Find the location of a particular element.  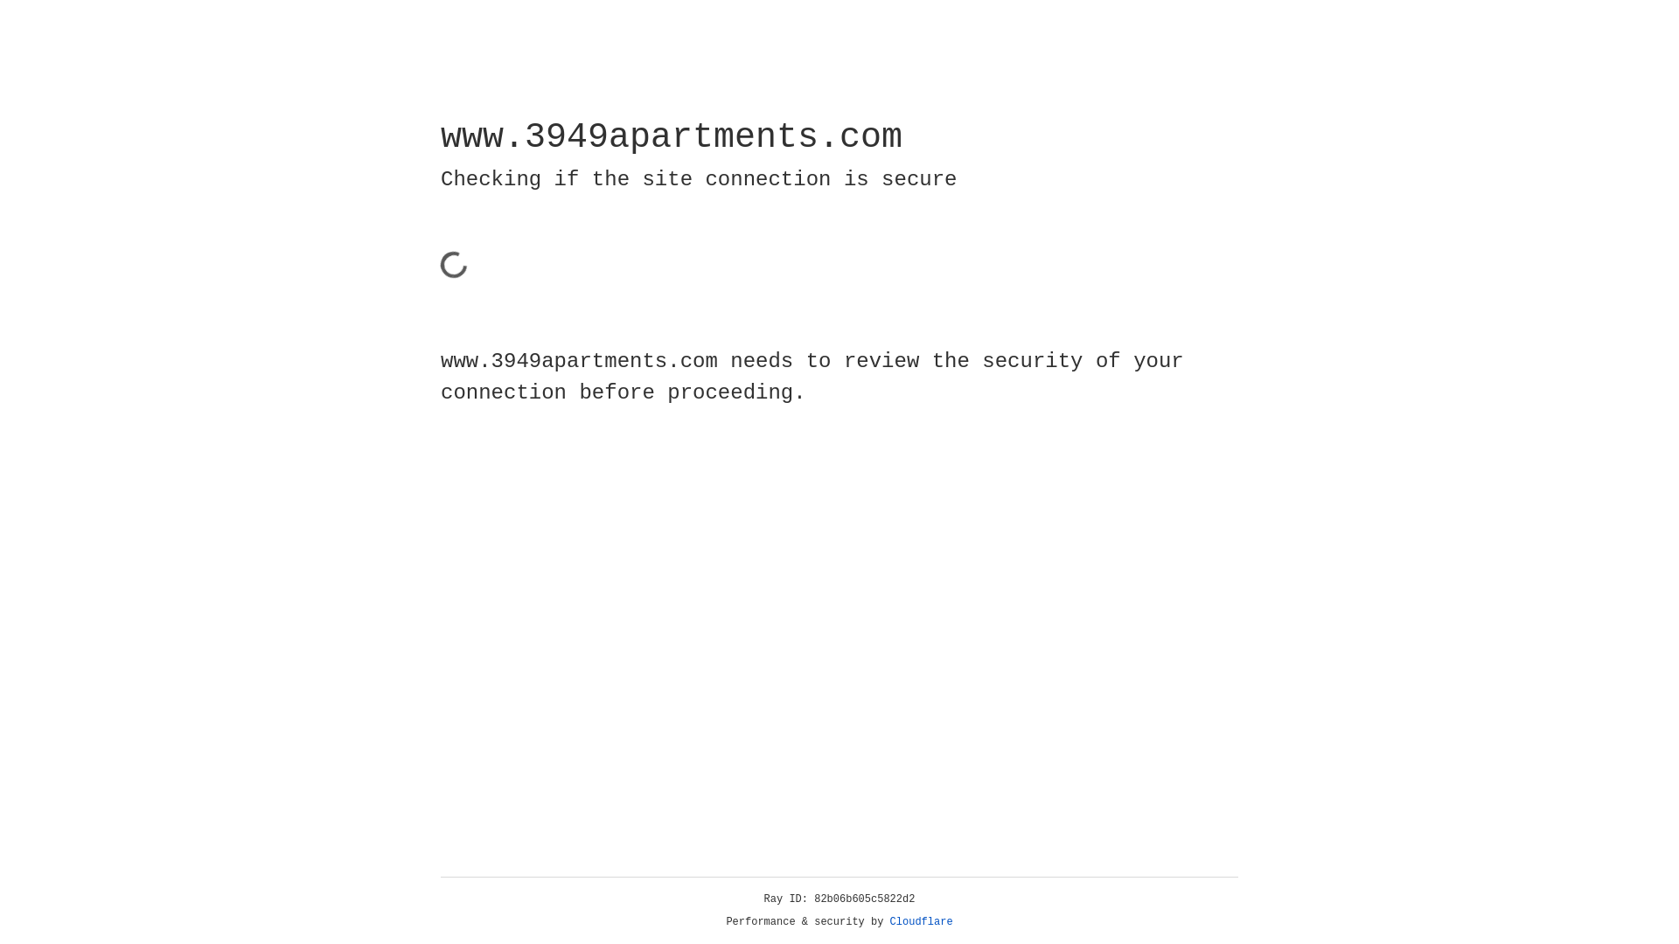

'Cloudflare' is located at coordinates (921, 921).